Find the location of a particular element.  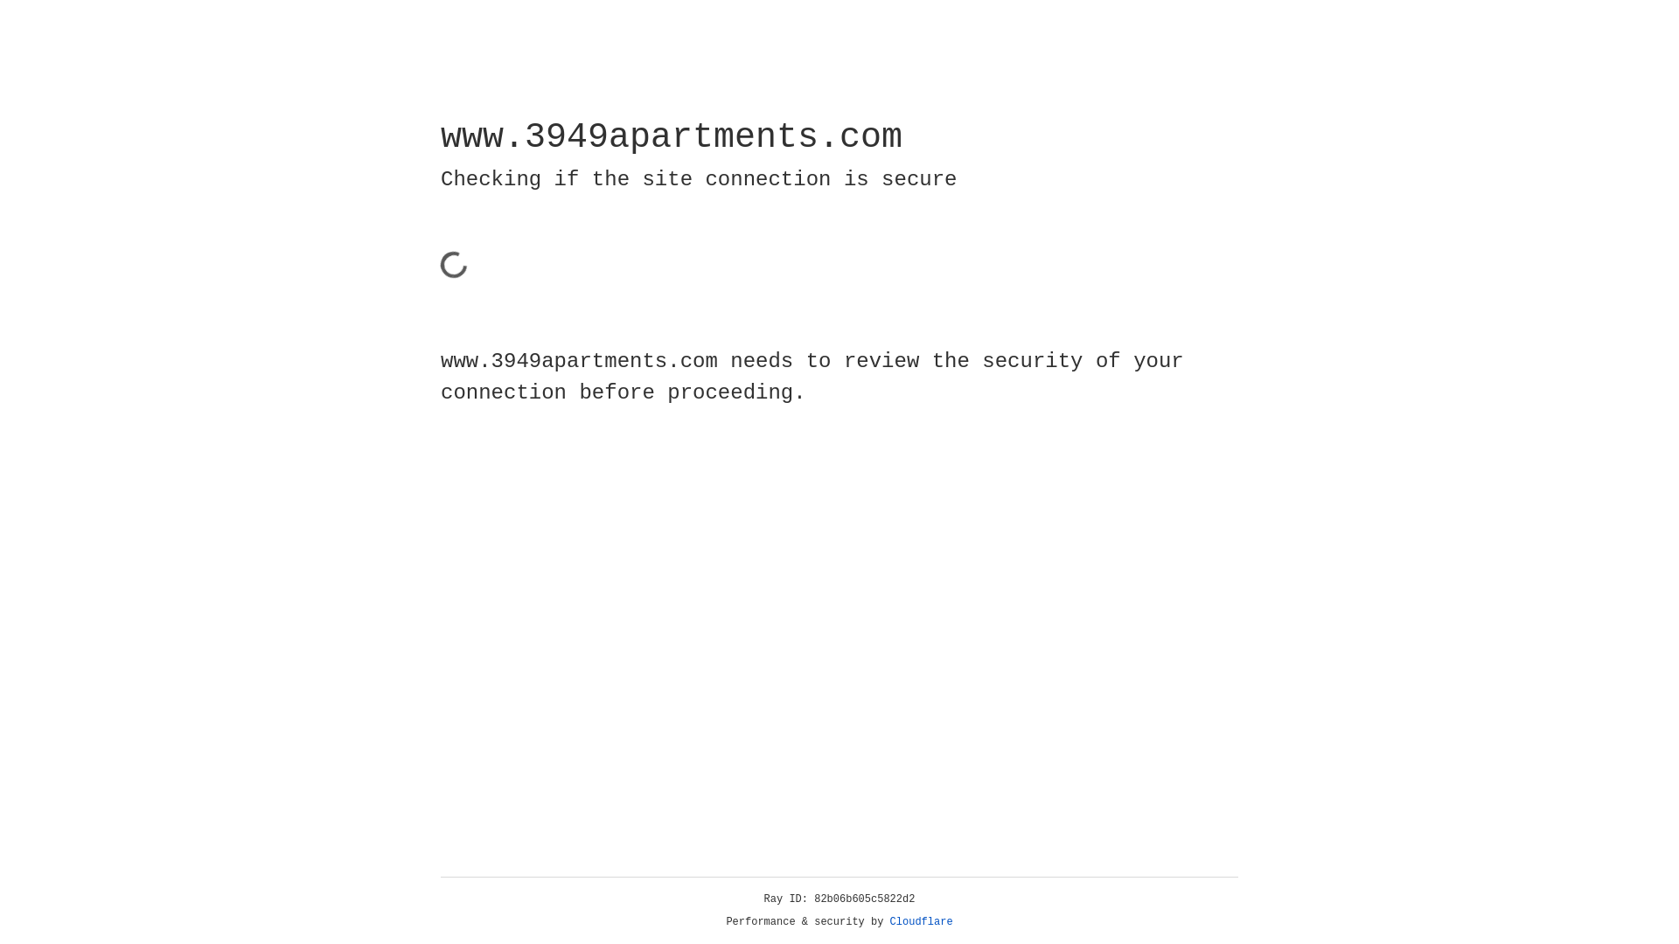

'Cloudflare' is located at coordinates (921, 921).